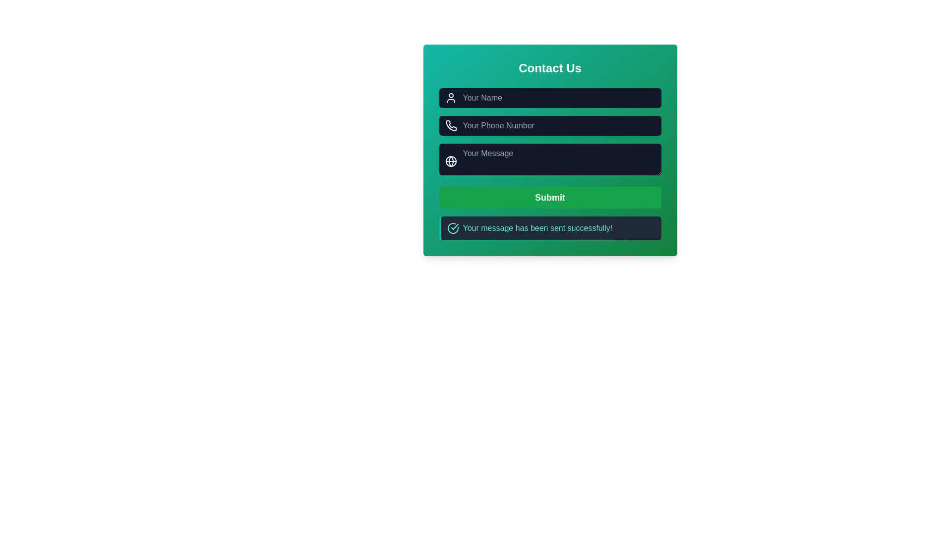  Describe the element at coordinates (450, 125) in the screenshot. I see `the phone number input field icon located at the leftmost position within the 'Your Phone Number' input field in the green contact form` at that location.